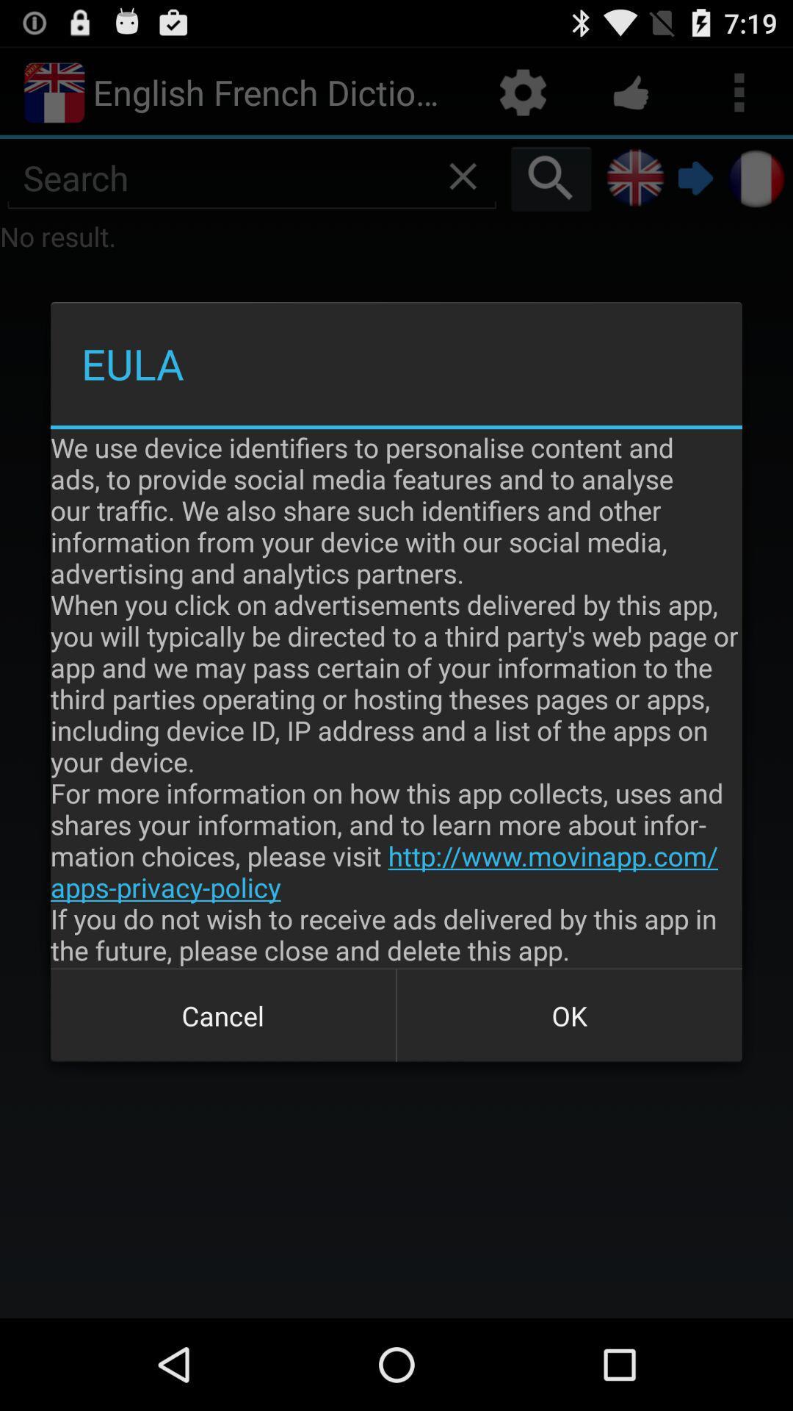  What do you see at coordinates (396, 697) in the screenshot?
I see `the we use device item` at bounding box center [396, 697].